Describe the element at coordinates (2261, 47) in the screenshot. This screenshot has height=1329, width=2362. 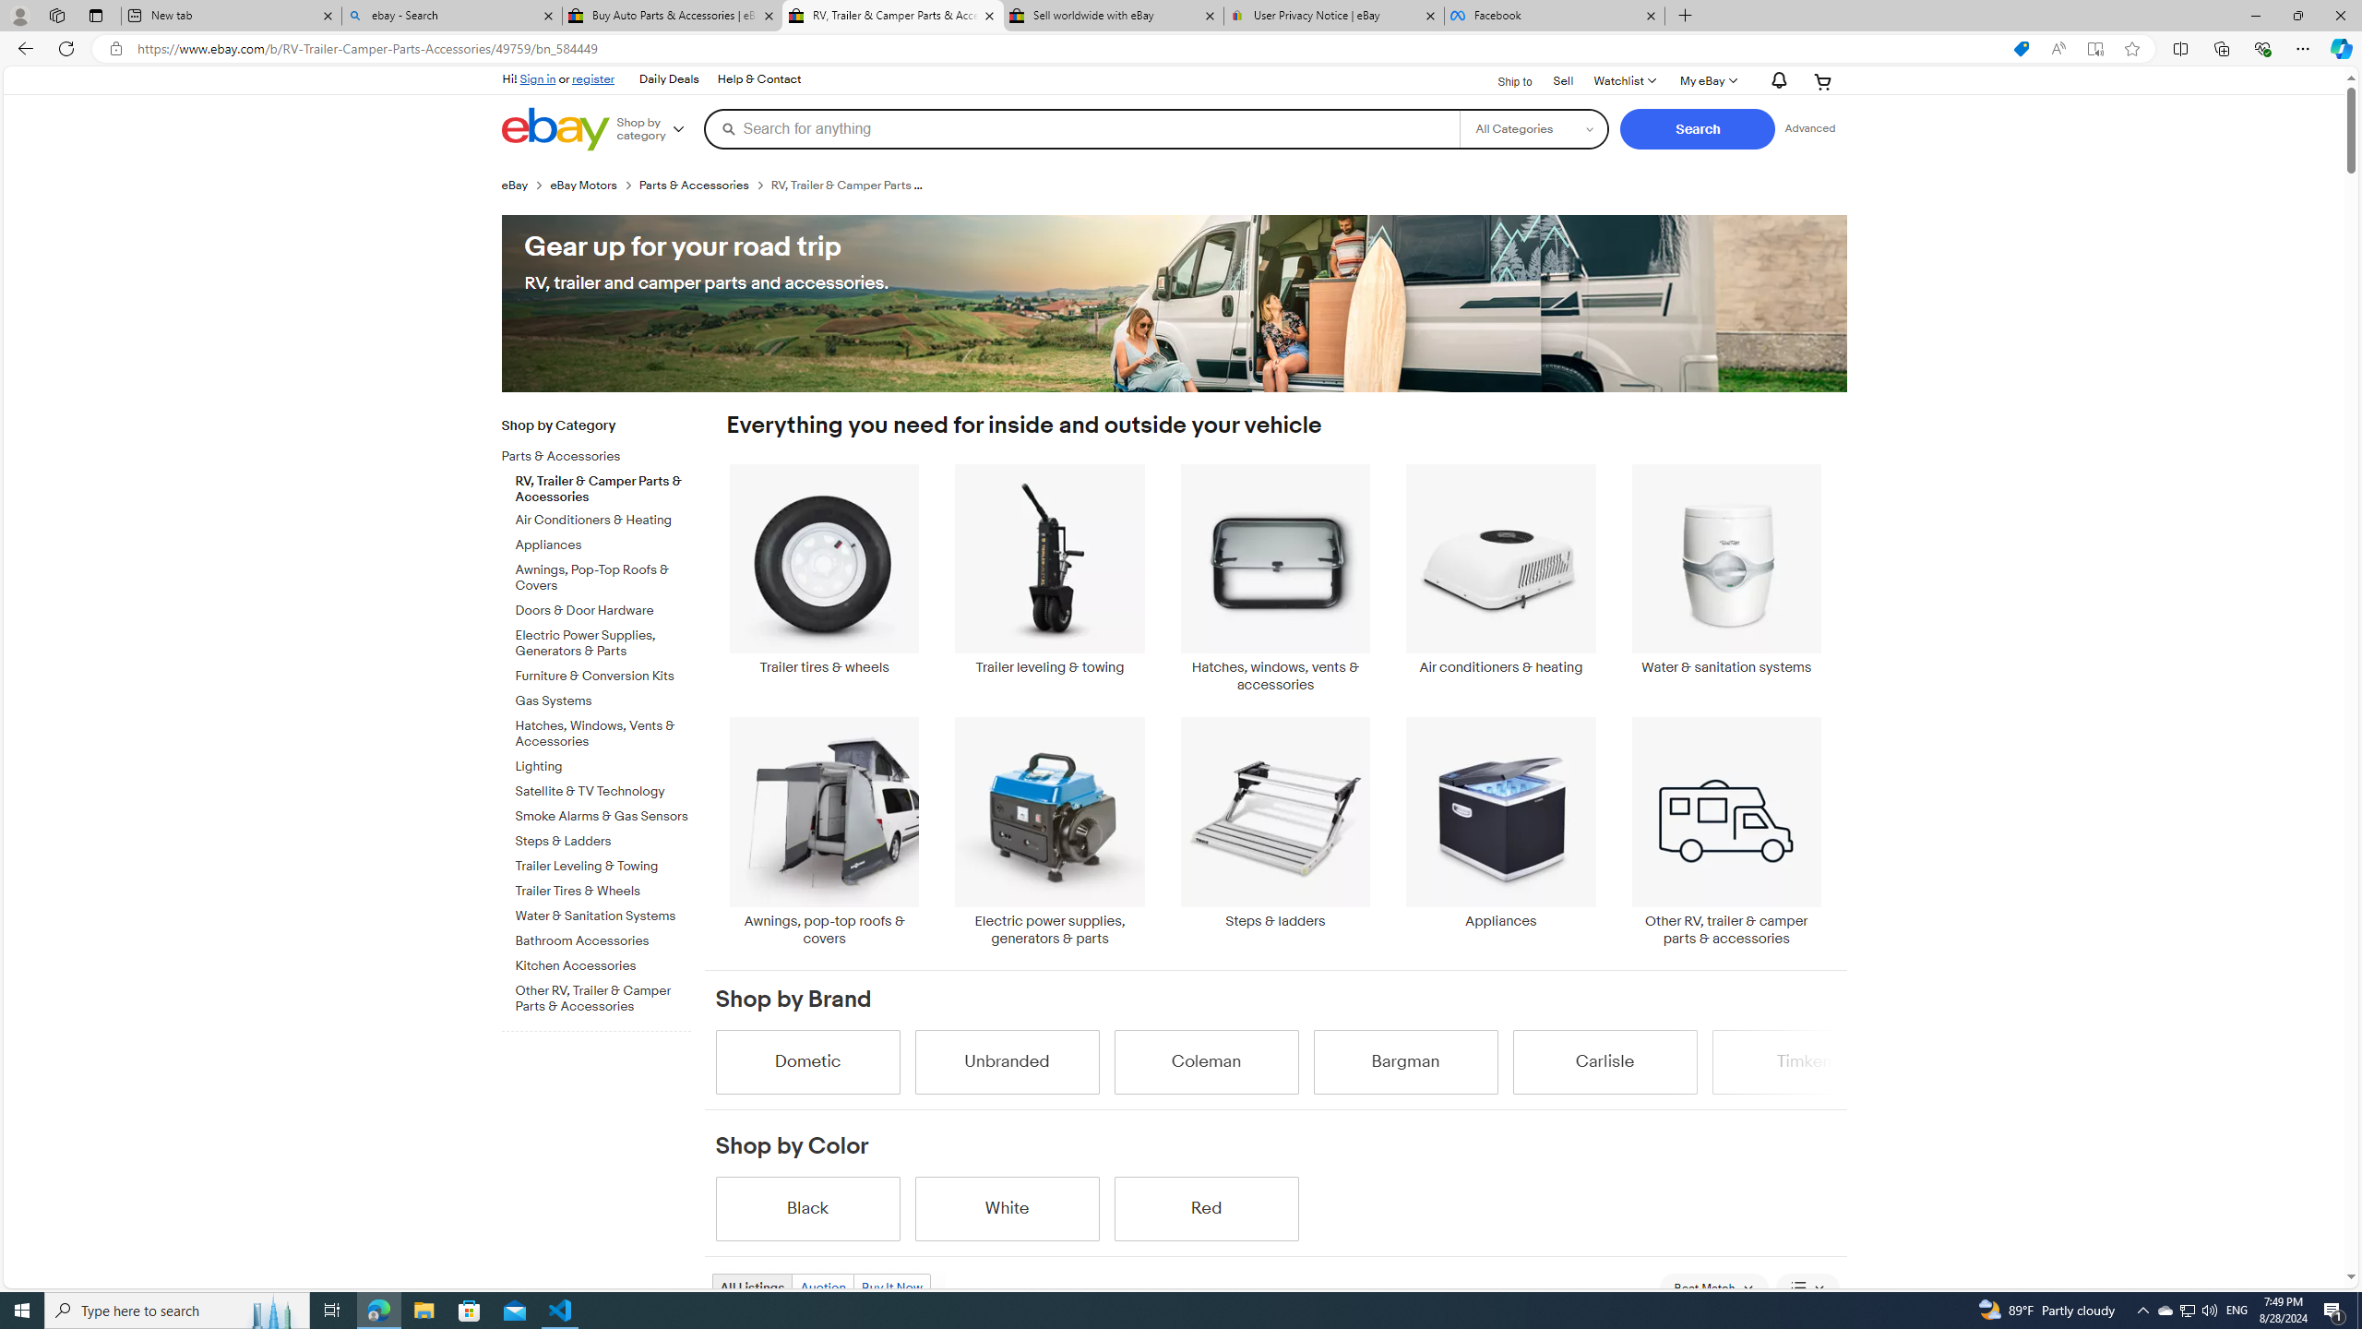
I see `'Browser essentials'` at that location.